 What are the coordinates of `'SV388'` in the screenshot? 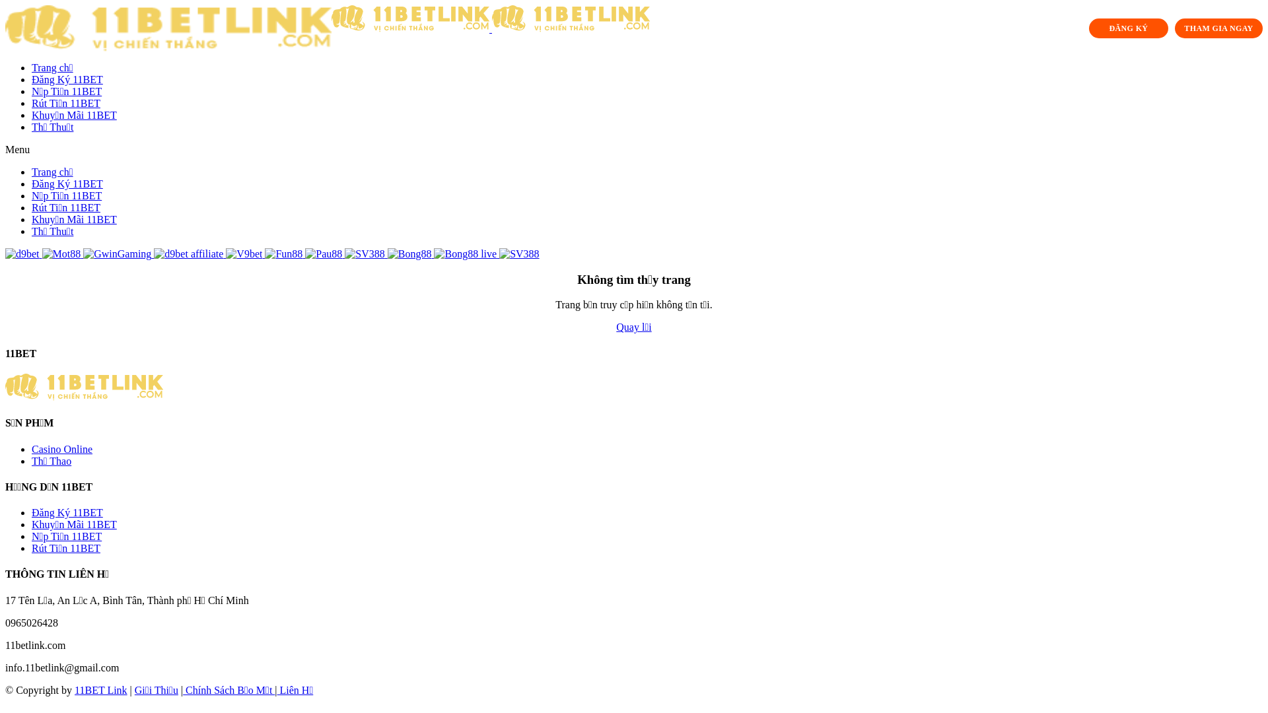 It's located at (345, 254).